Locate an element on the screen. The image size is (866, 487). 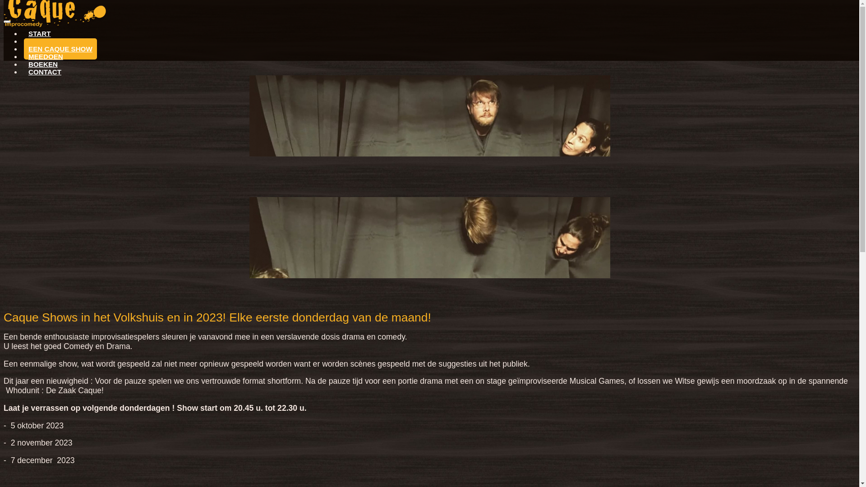
'OVER' is located at coordinates (37, 41).